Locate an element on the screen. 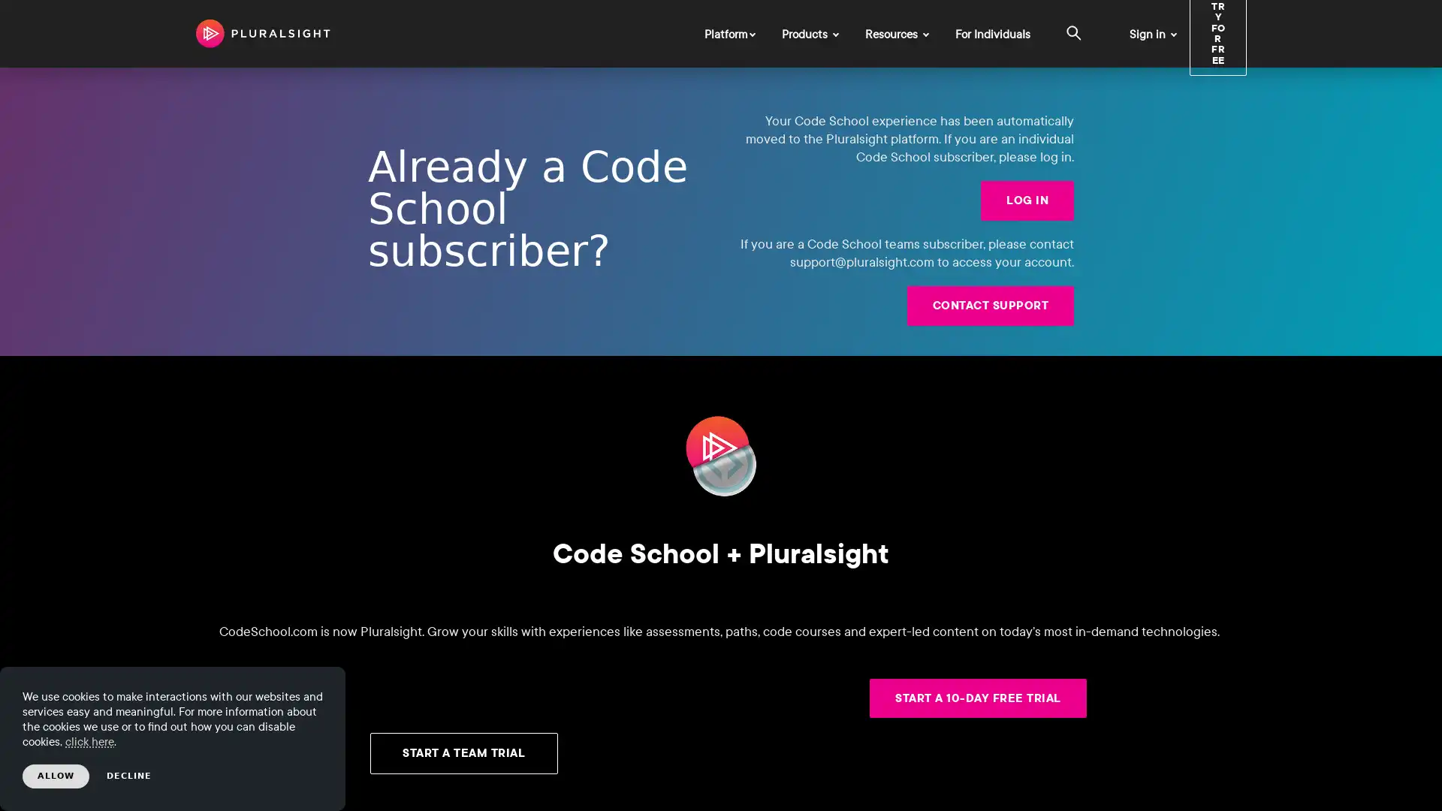 The image size is (1442, 811). ALLOW is located at coordinates (56, 776).